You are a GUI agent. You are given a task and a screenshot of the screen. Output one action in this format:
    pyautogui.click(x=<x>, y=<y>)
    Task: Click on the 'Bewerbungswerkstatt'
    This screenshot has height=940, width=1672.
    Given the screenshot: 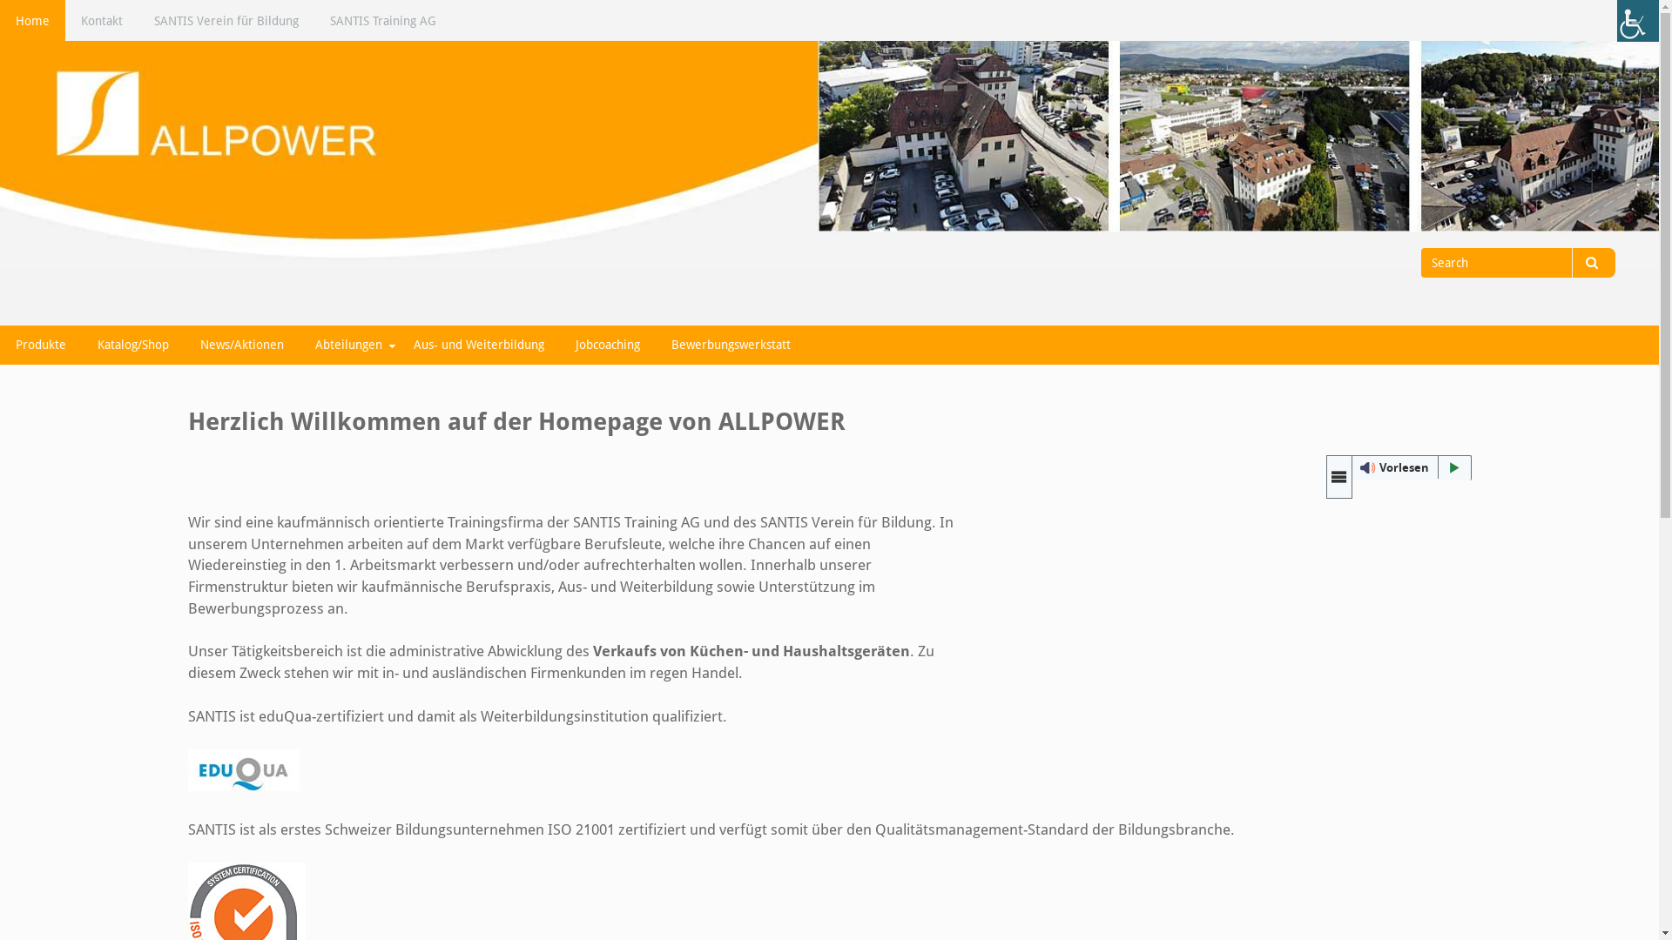 What is the action you would take?
    pyautogui.click(x=731, y=345)
    